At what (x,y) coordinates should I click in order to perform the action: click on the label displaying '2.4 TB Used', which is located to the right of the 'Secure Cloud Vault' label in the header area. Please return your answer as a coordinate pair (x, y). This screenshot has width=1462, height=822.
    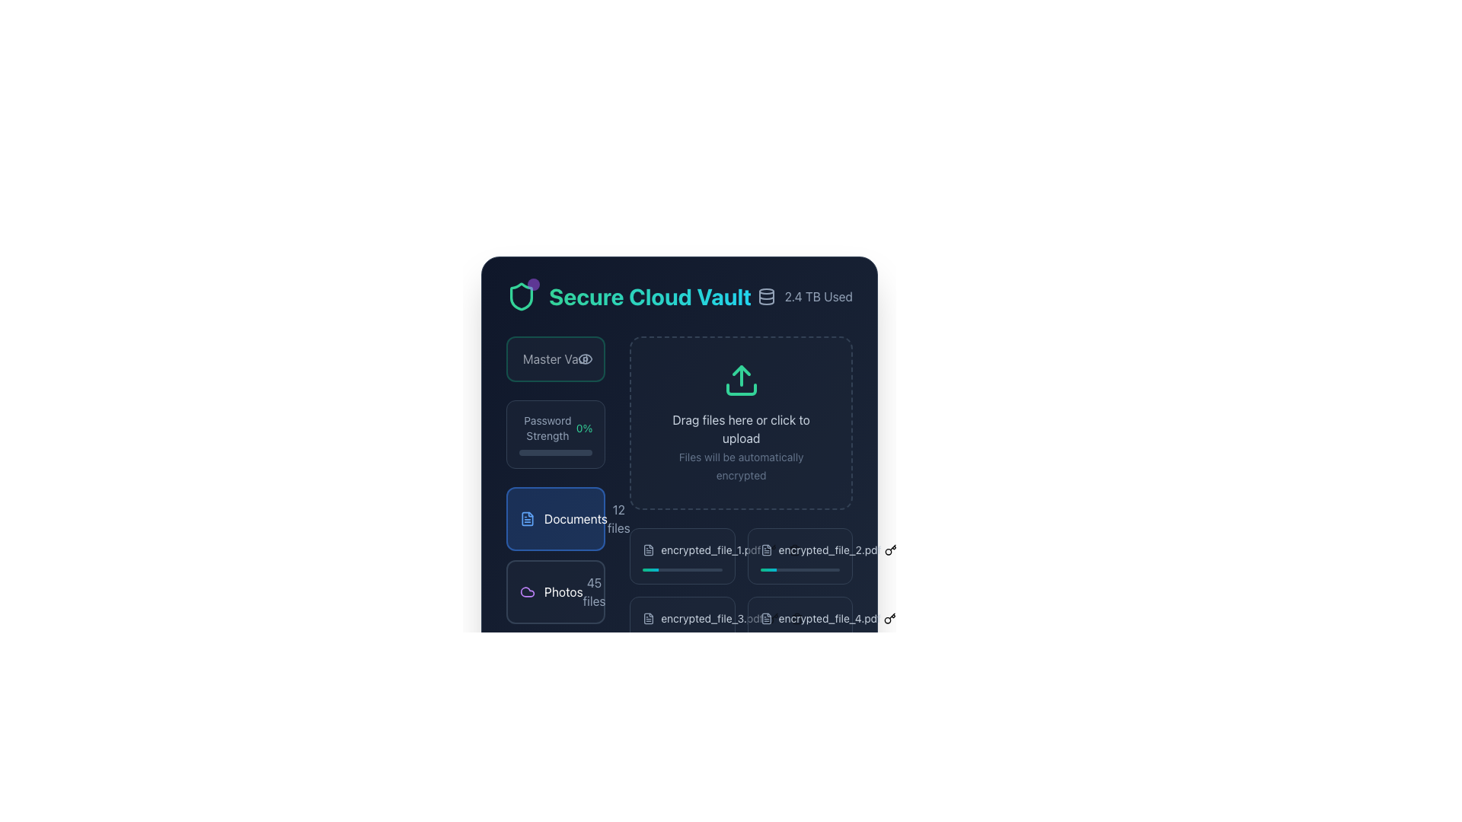
    Looking at the image, I should click on (804, 296).